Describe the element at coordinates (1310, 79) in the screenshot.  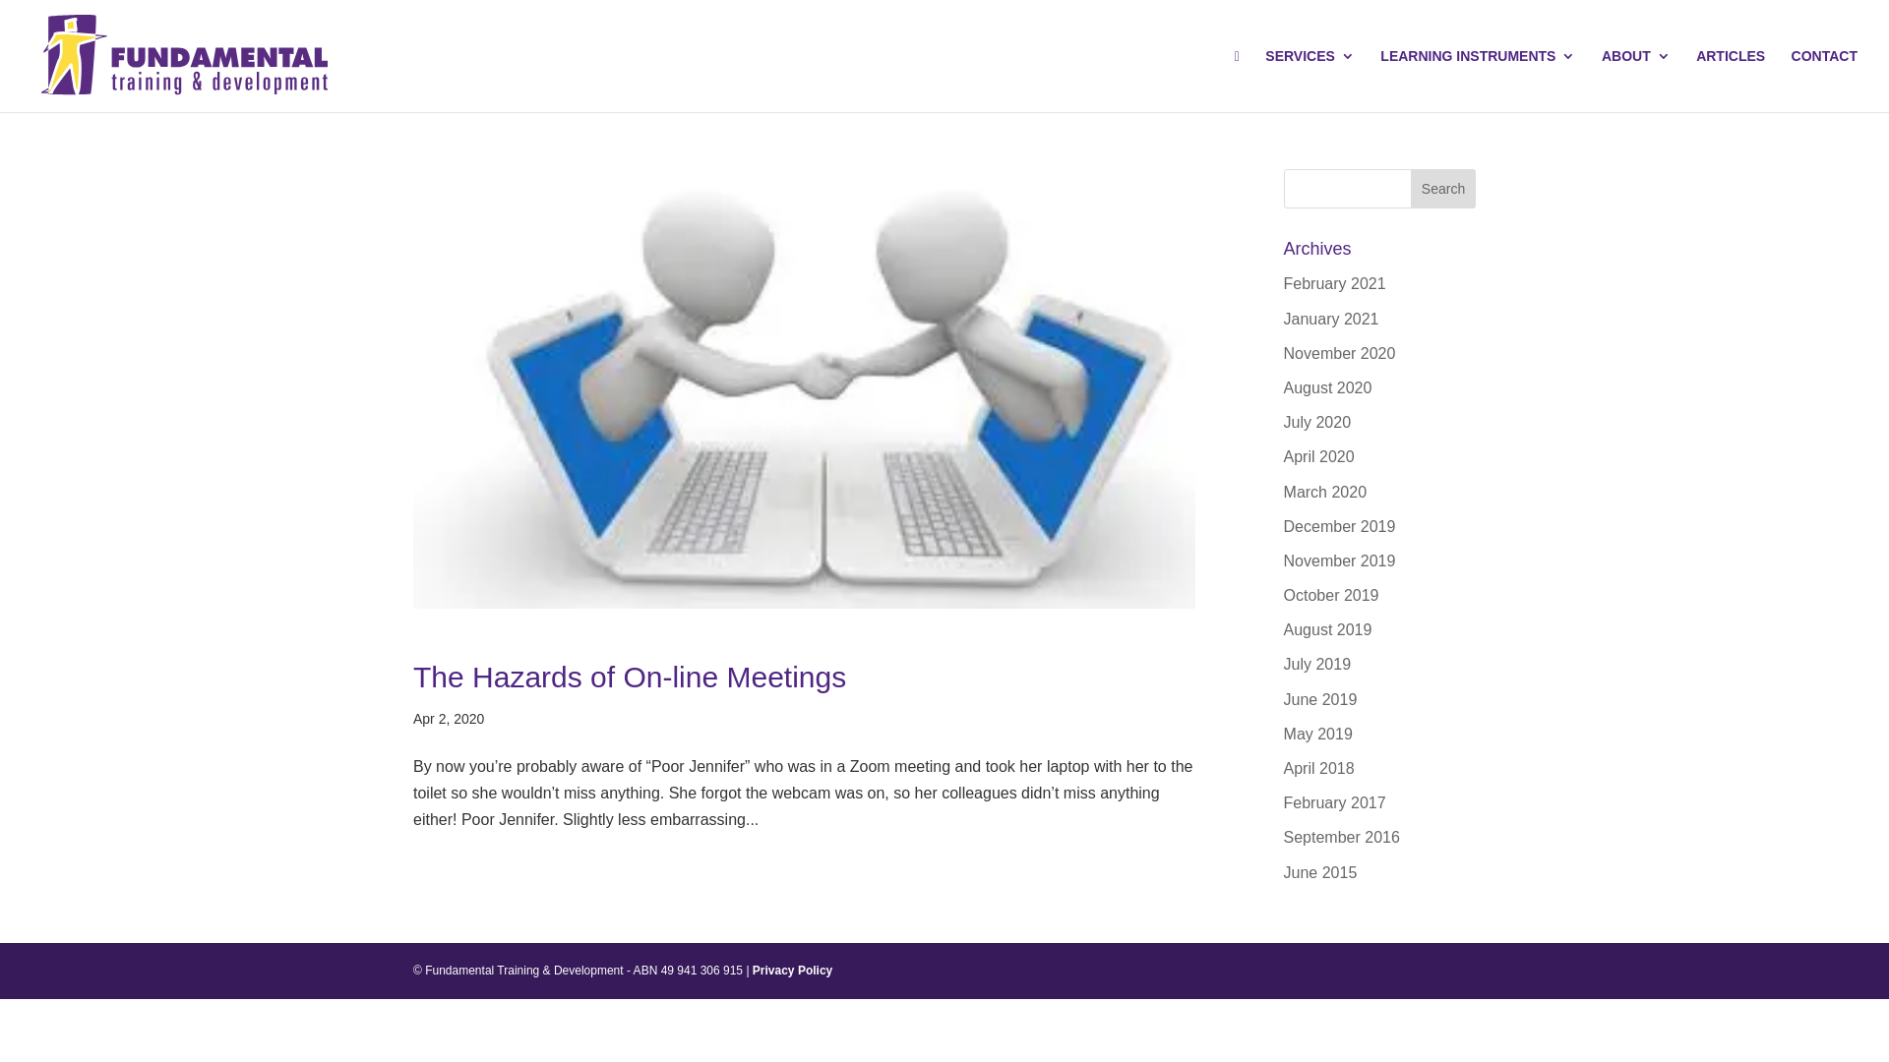
I see `'SERVICES'` at that location.